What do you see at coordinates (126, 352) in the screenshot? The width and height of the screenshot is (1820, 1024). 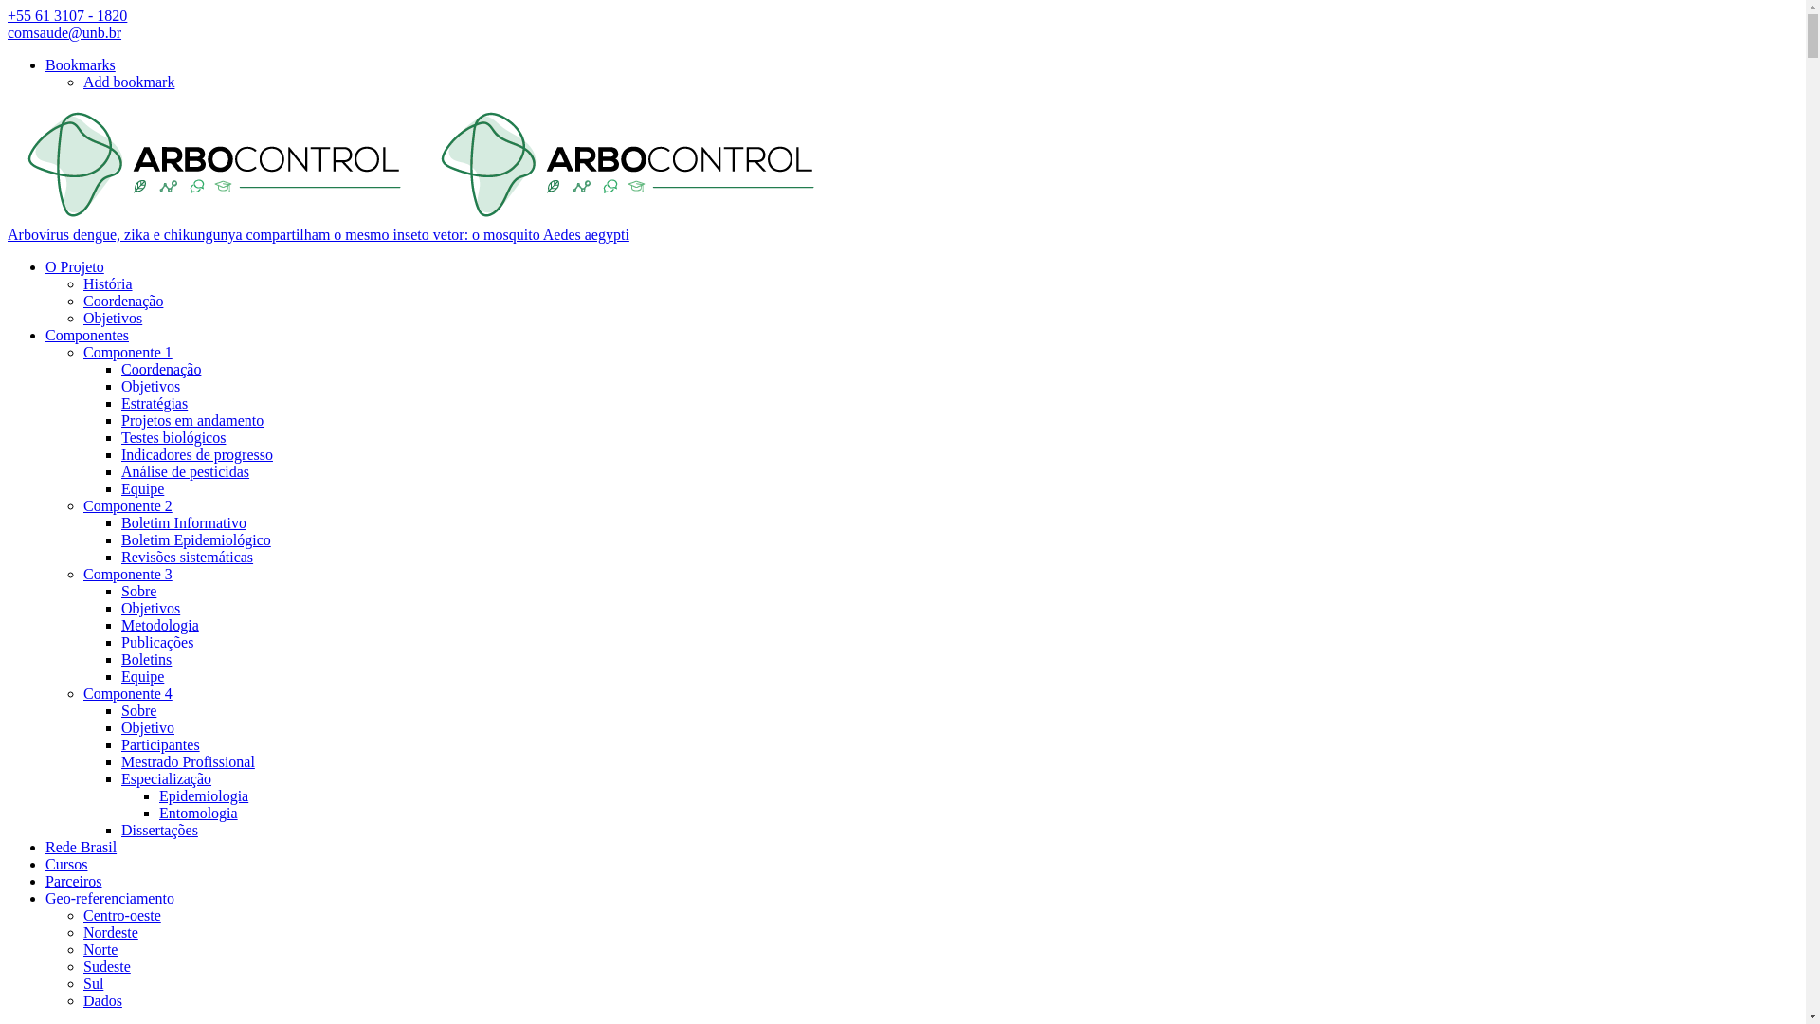 I see `'Componente 1'` at bounding box center [126, 352].